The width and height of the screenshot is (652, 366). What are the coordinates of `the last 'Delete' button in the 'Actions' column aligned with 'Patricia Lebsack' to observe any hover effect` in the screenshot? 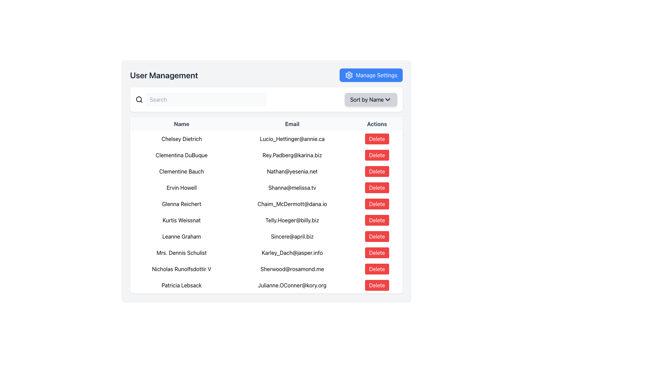 It's located at (377, 285).